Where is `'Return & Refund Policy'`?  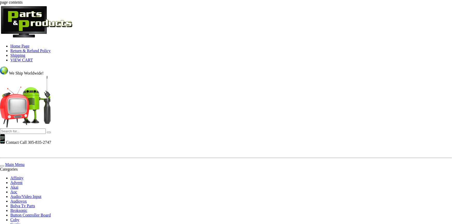 'Return & Refund Policy' is located at coordinates (30, 51).